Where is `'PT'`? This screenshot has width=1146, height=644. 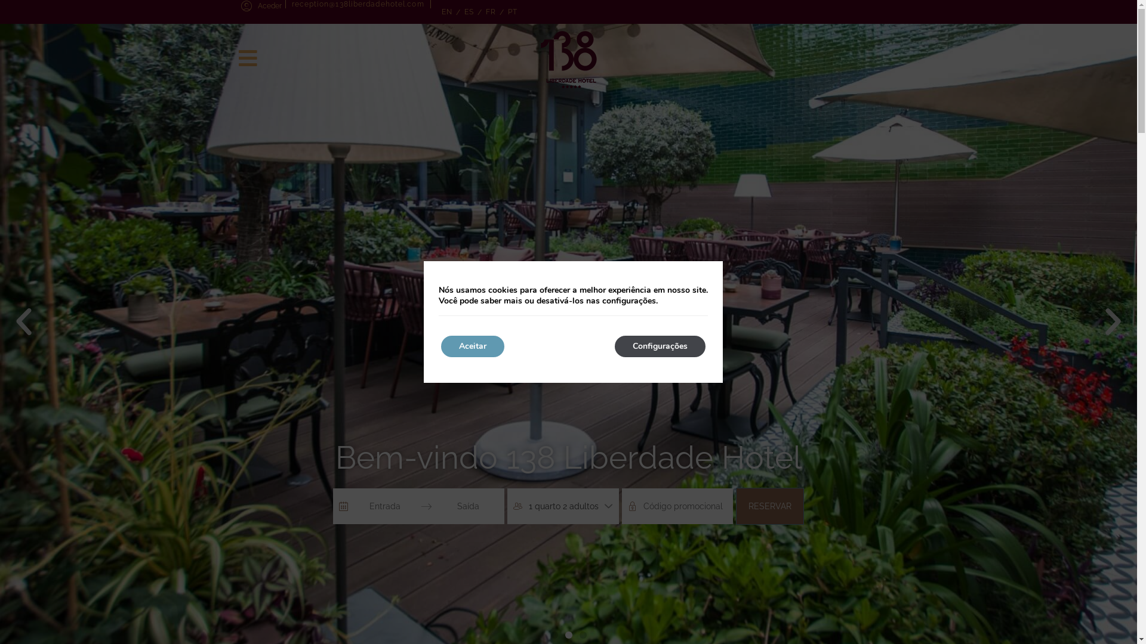 'PT' is located at coordinates (513, 11).